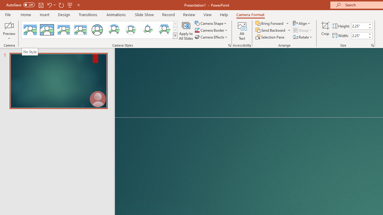 Image resolution: width=383 pixels, height=215 pixels. I want to click on 'Bring Forward', so click(270, 23).